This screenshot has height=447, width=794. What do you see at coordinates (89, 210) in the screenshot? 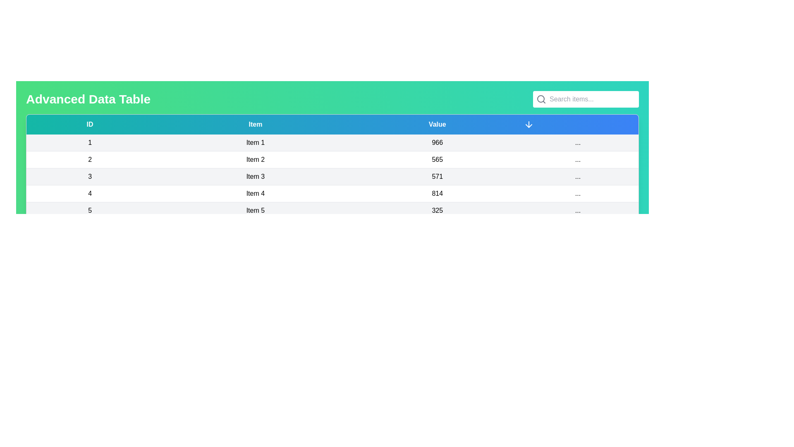
I see `the text in the row corresponding to 5` at bounding box center [89, 210].